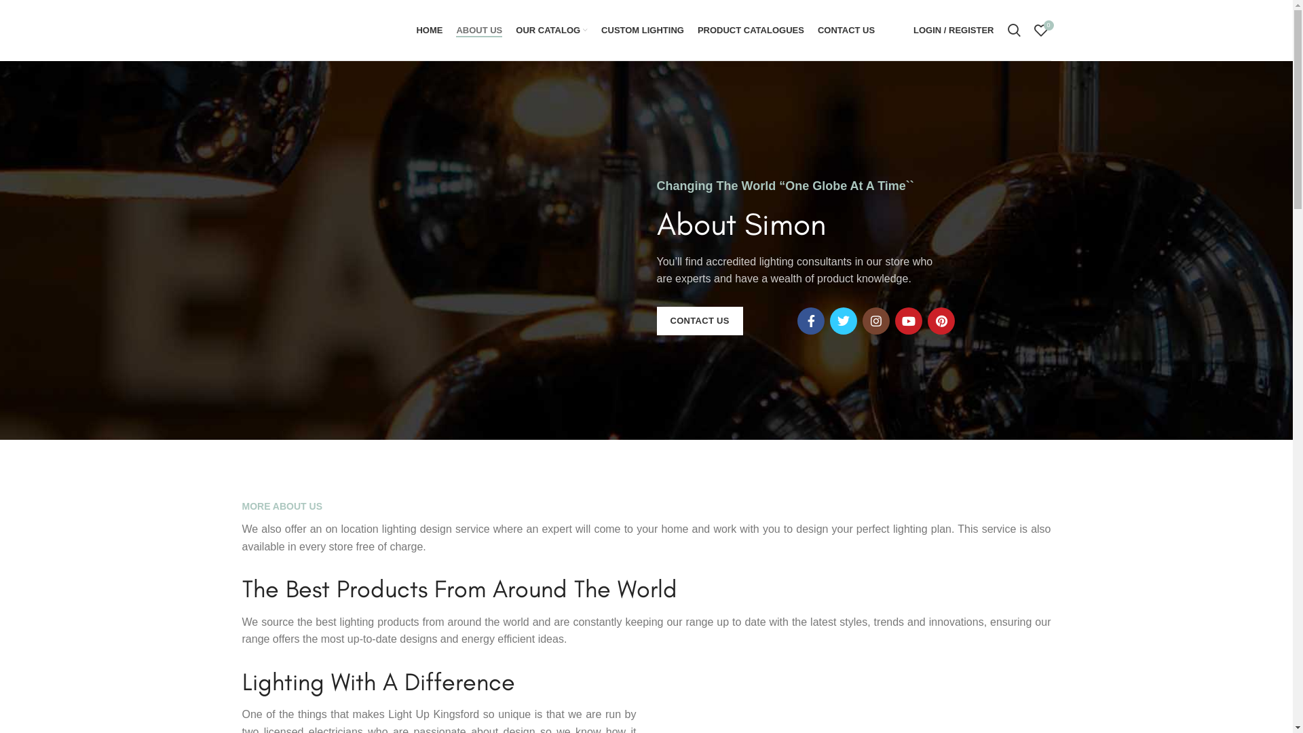  Describe the element at coordinates (641, 29) in the screenshot. I see `'CUSTOM LIGHTING'` at that location.